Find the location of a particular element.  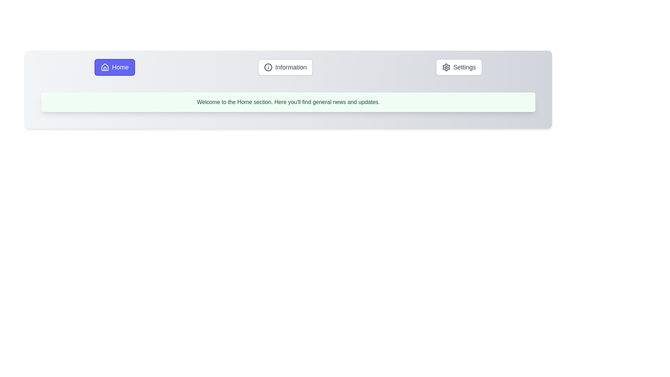

the Settings tab by clicking its button is located at coordinates (459, 67).